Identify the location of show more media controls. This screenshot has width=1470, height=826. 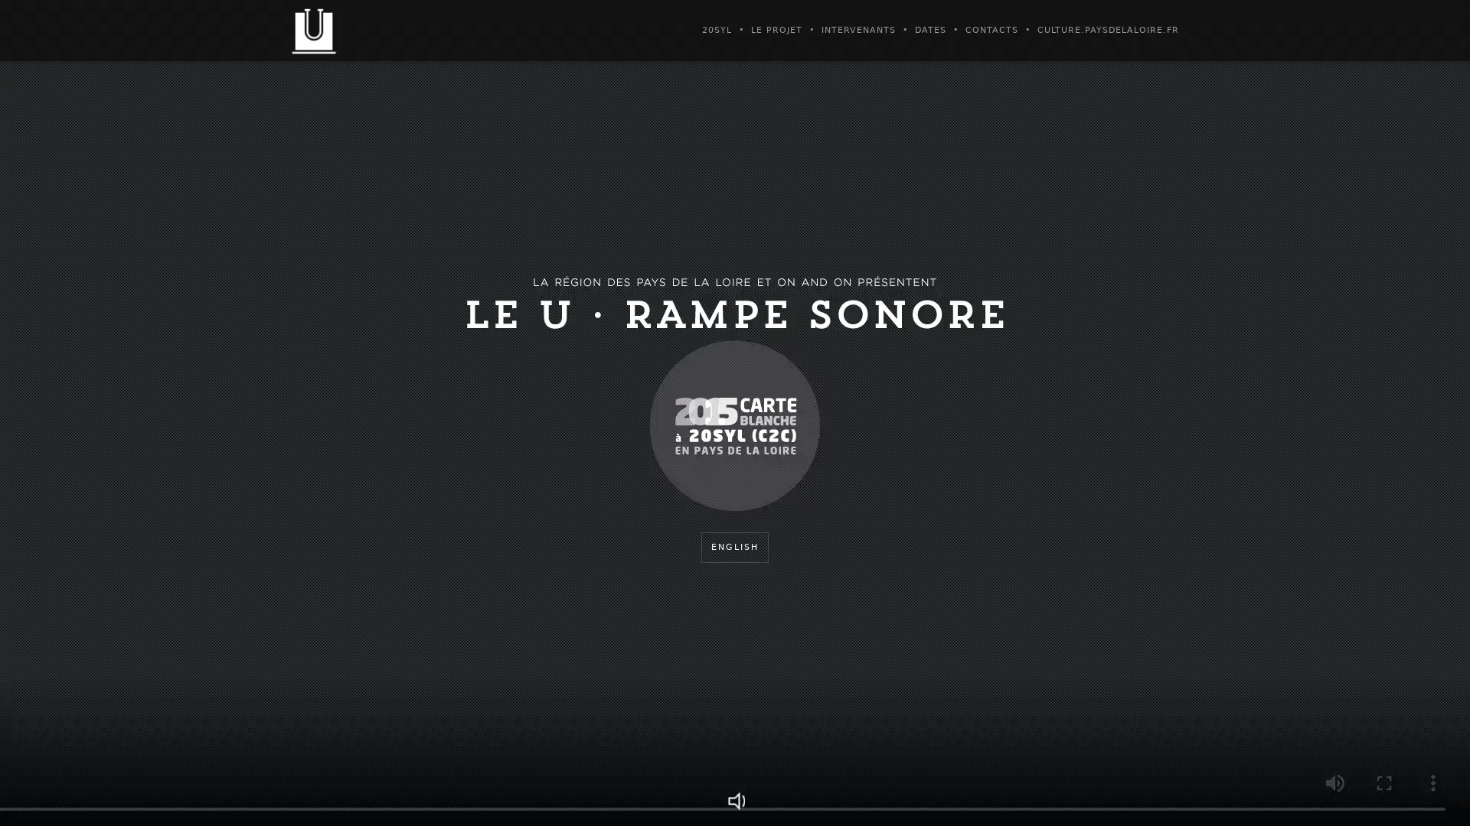
(1432, 782).